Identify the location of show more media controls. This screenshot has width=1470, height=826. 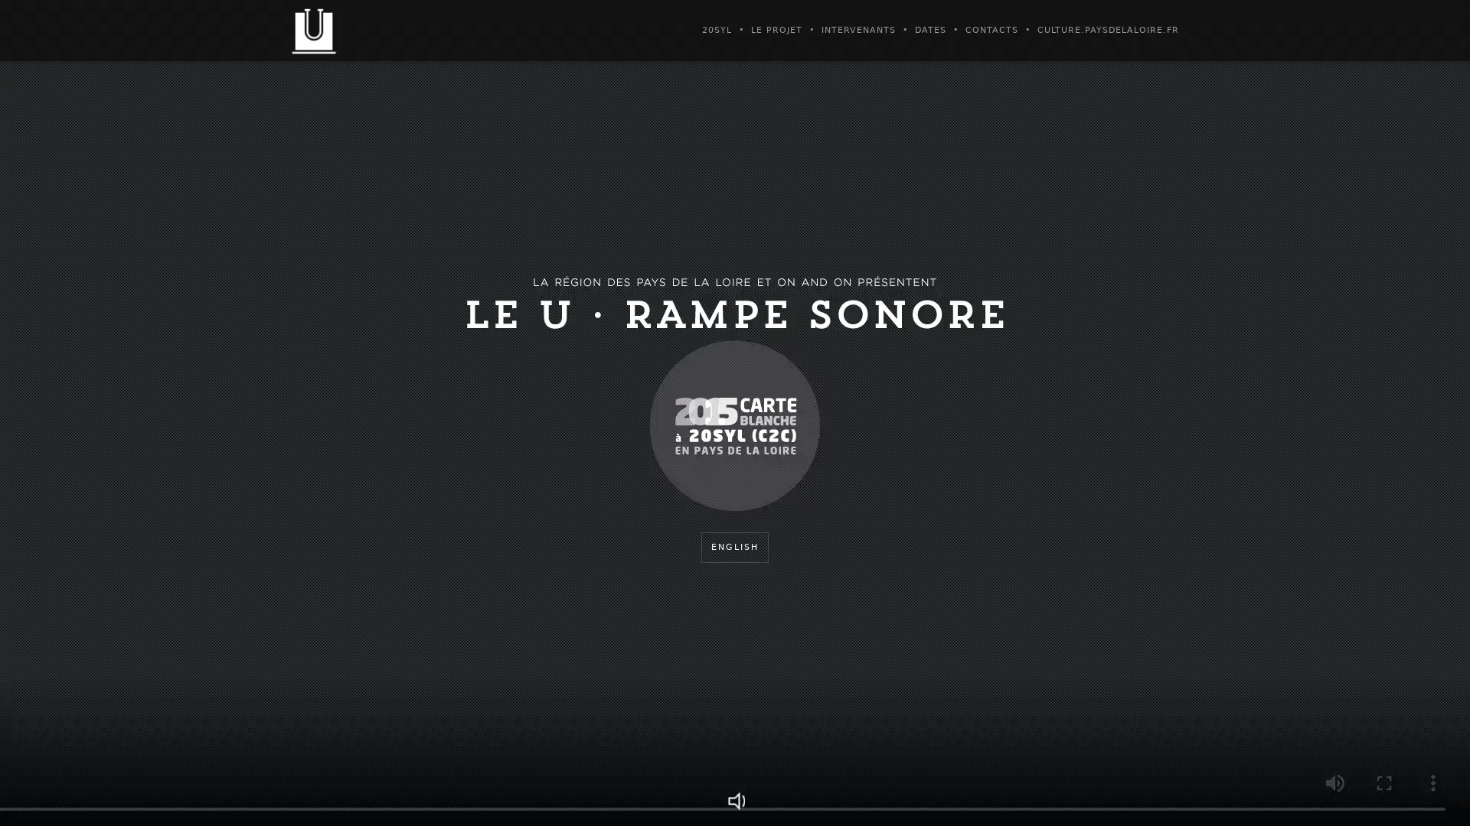
(1432, 782).